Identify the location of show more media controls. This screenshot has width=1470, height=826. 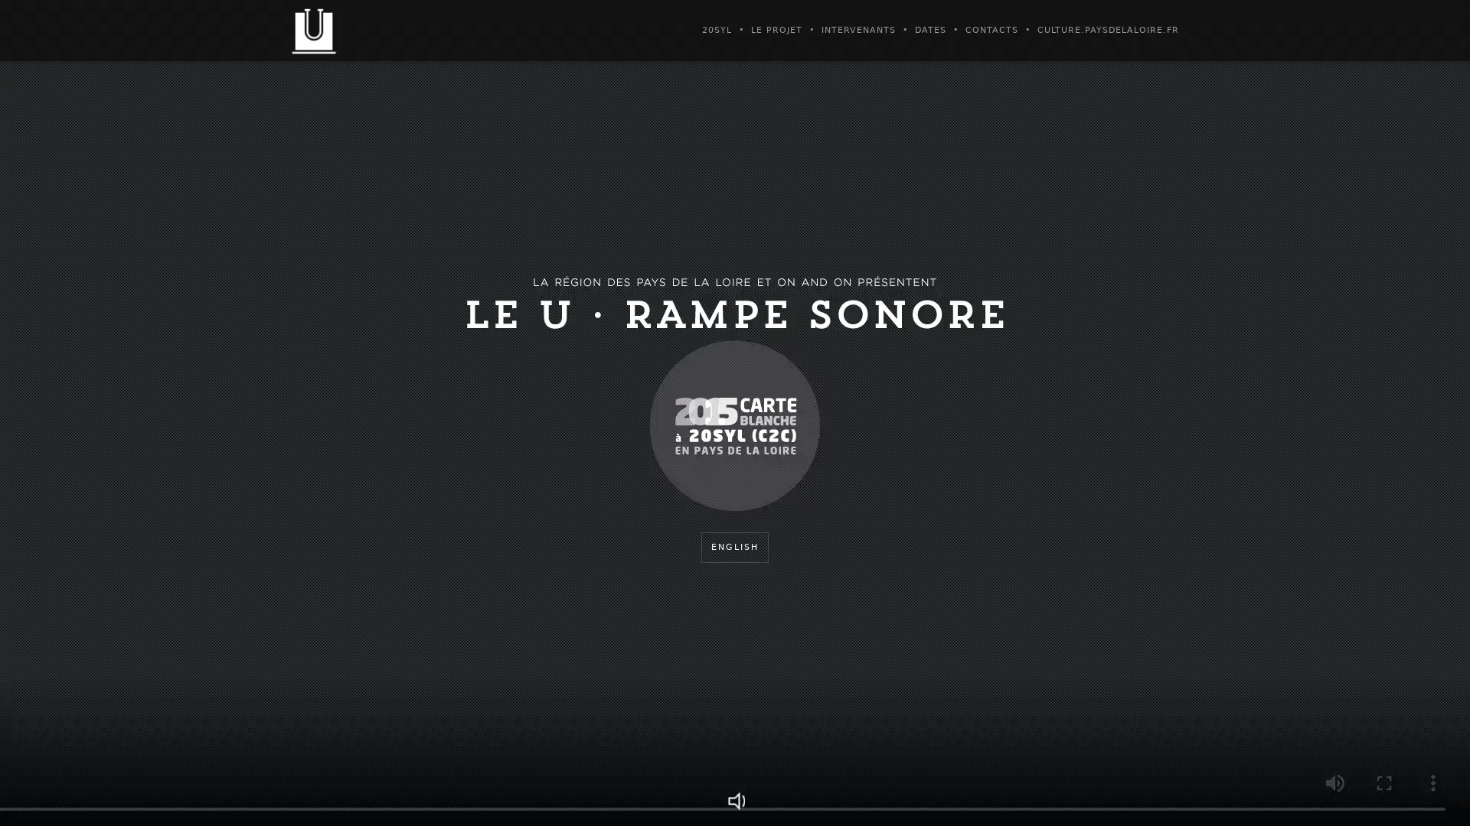
(1432, 782).